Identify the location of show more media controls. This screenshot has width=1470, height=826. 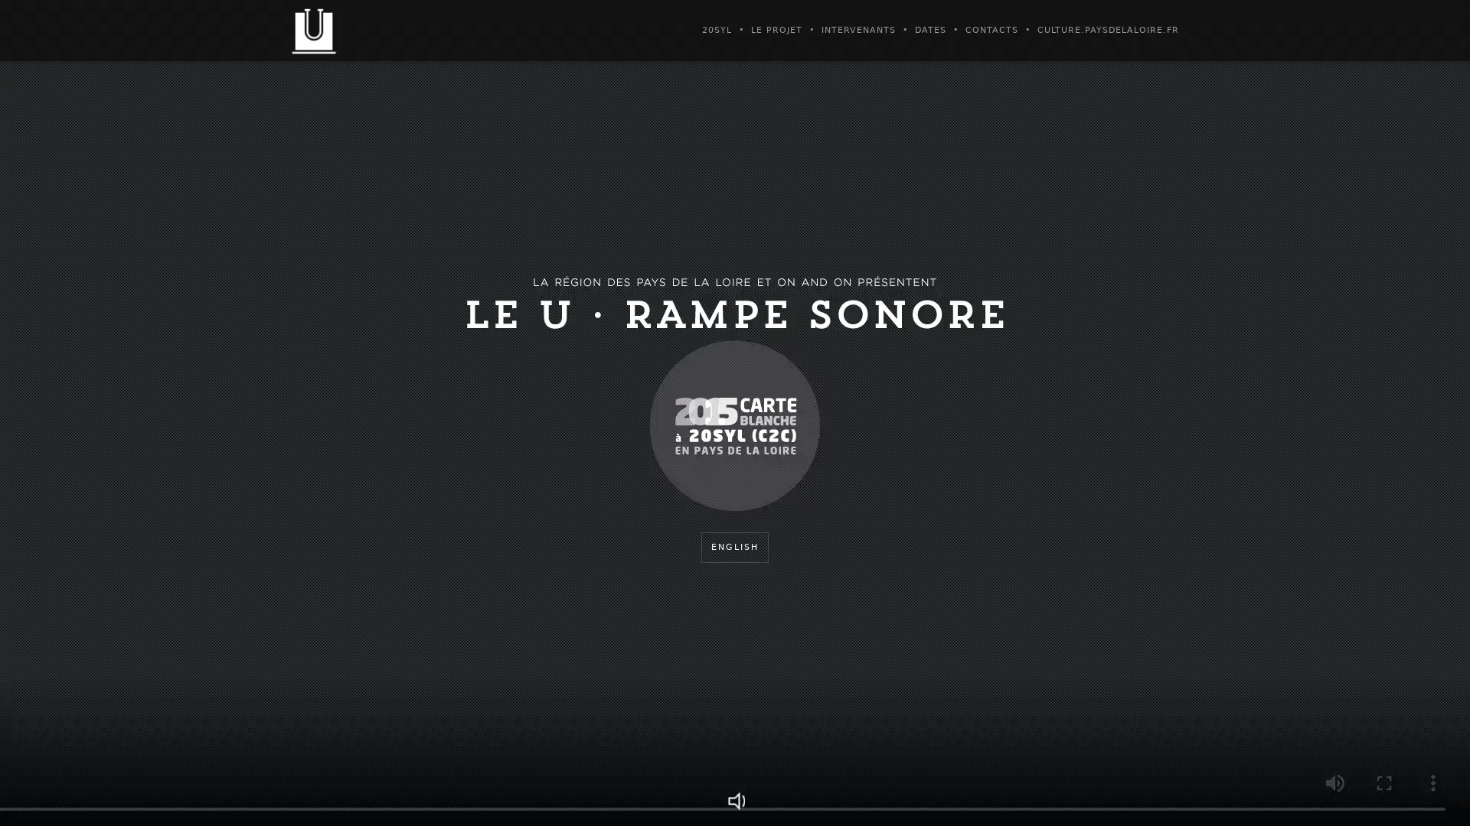
(1432, 782).